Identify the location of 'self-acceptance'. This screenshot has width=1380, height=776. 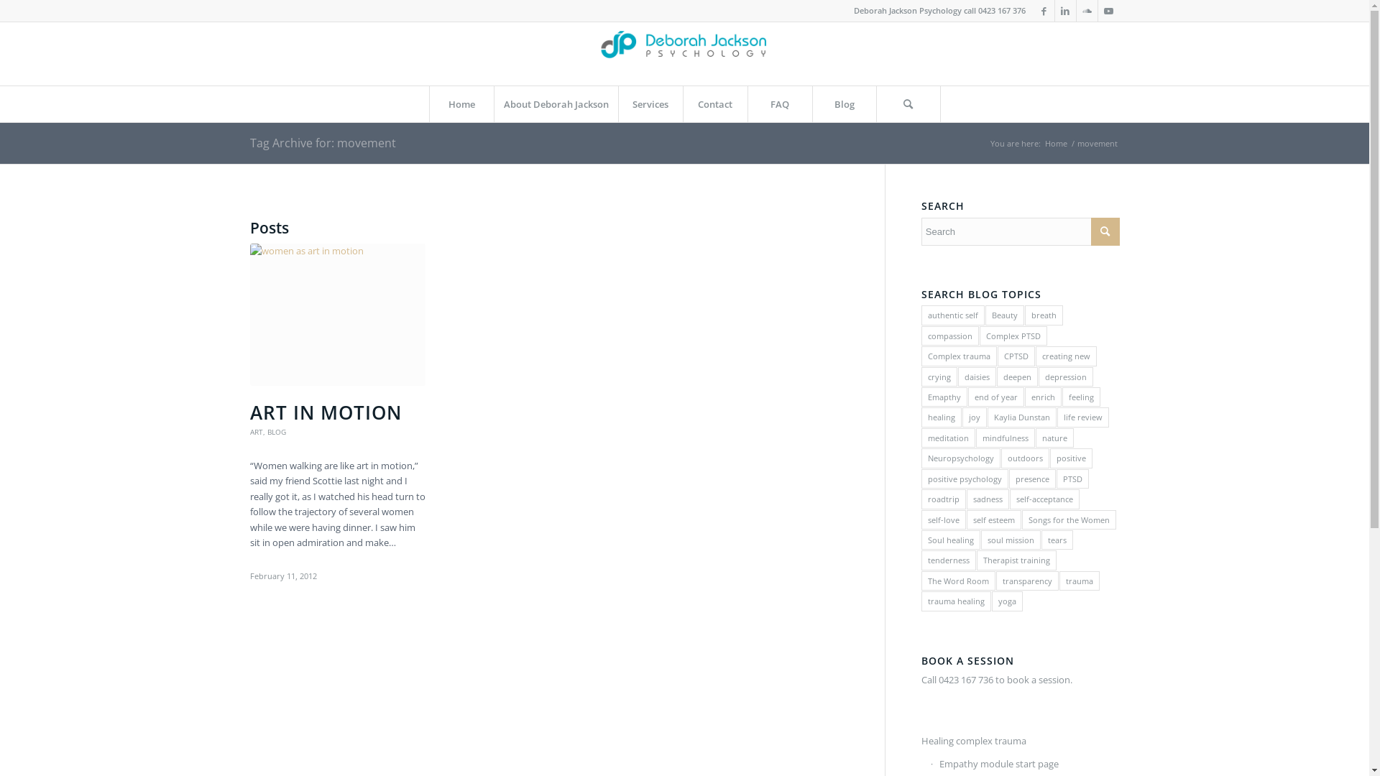
(1044, 498).